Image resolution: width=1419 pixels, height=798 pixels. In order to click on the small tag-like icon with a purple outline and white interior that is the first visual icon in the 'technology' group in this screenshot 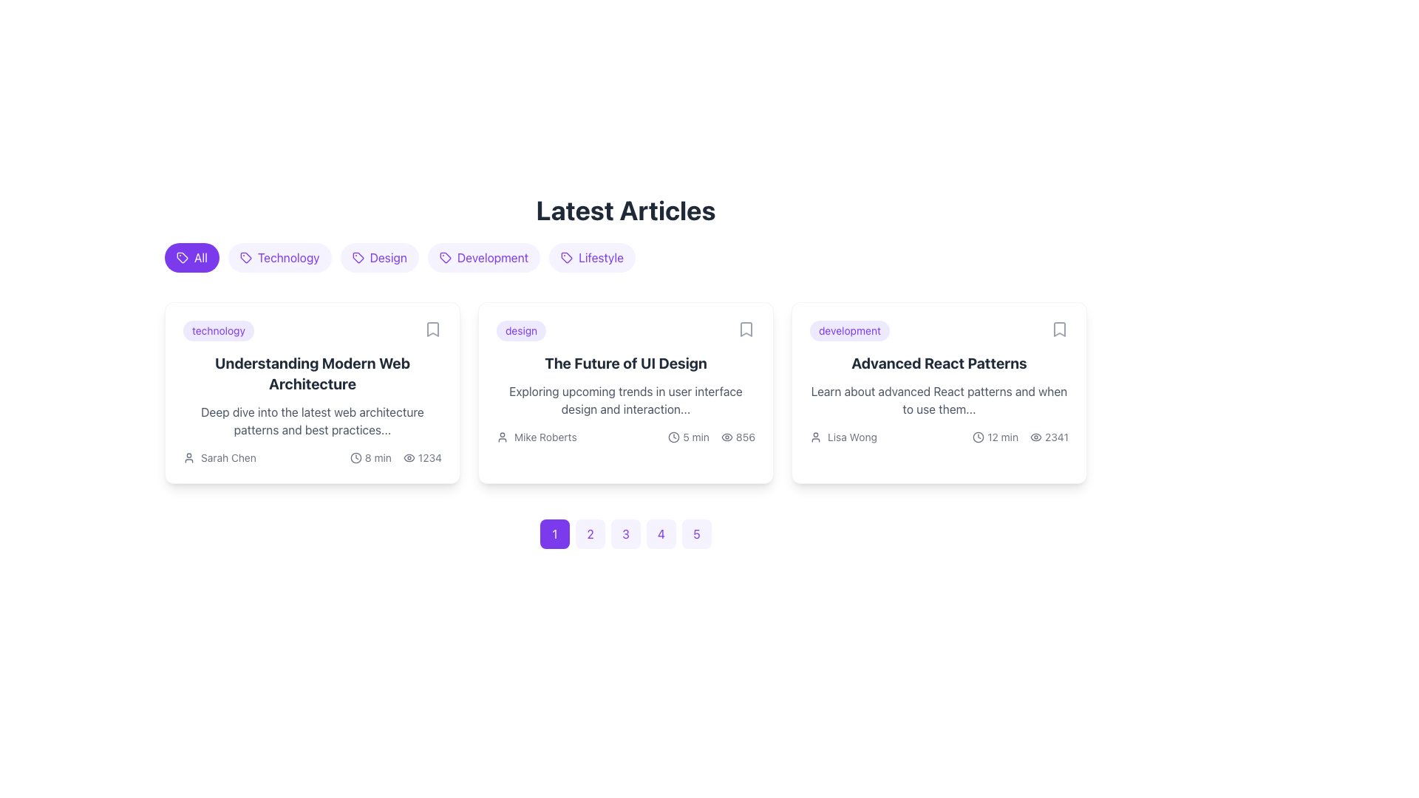, I will do `click(245, 256)`.